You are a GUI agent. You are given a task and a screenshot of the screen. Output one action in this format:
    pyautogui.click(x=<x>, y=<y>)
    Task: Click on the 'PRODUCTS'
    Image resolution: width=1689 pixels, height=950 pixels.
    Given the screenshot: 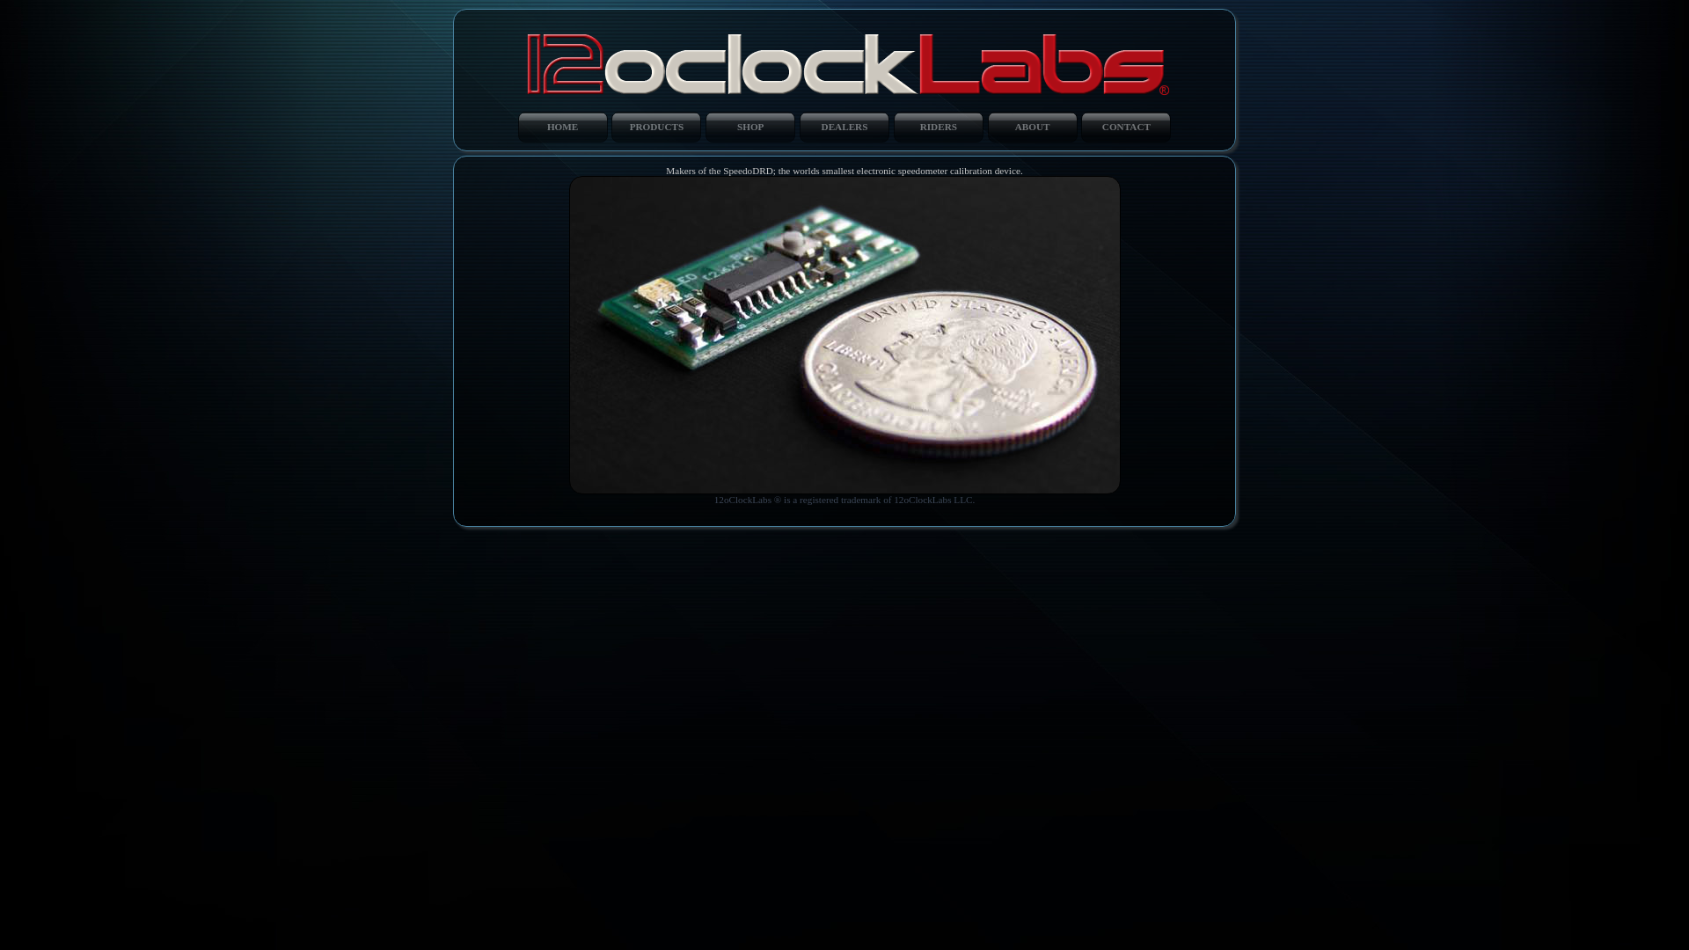 What is the action you would take?
    pyautogui.click(x=654, y=125)
    